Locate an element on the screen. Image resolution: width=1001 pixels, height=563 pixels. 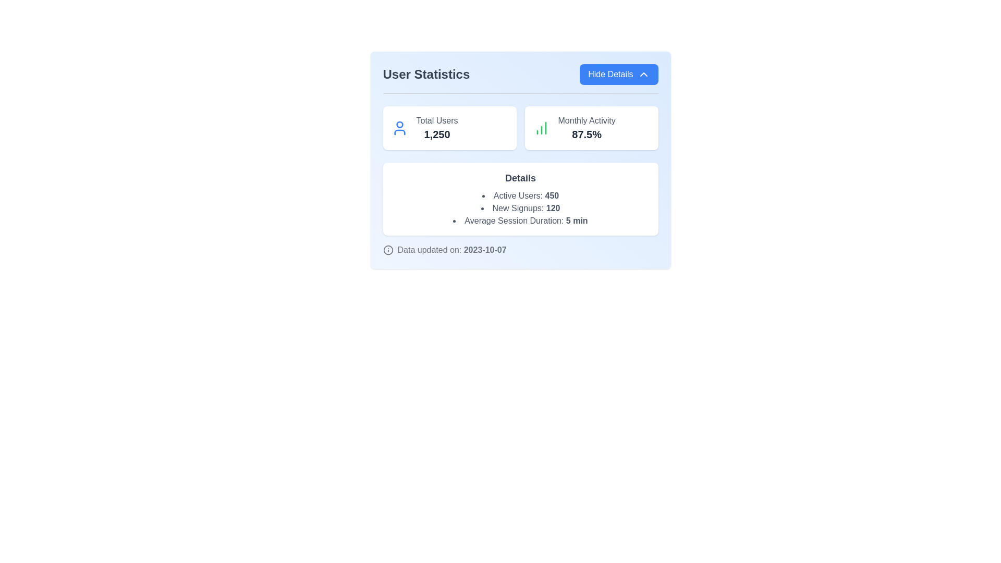
the text display that reads 'Average Session Duration: 5 min', styled in bold with a gray color scheme, located in the 'Details' section of the 'User Statistics' card is located at coordinates (520, 221).